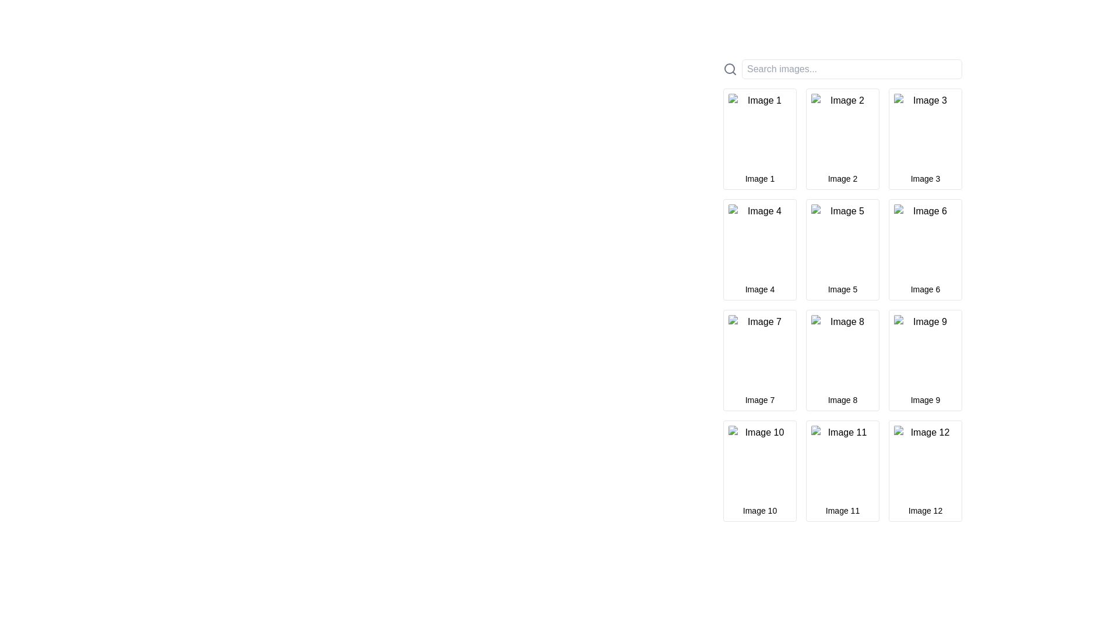 The height and width of the screenshot is (629, 1119). What do you see at coordinates (842, 462) in the screenshot?
I see `the image placeholder labeled 'Image 11'` at bounding box center [842, 462].